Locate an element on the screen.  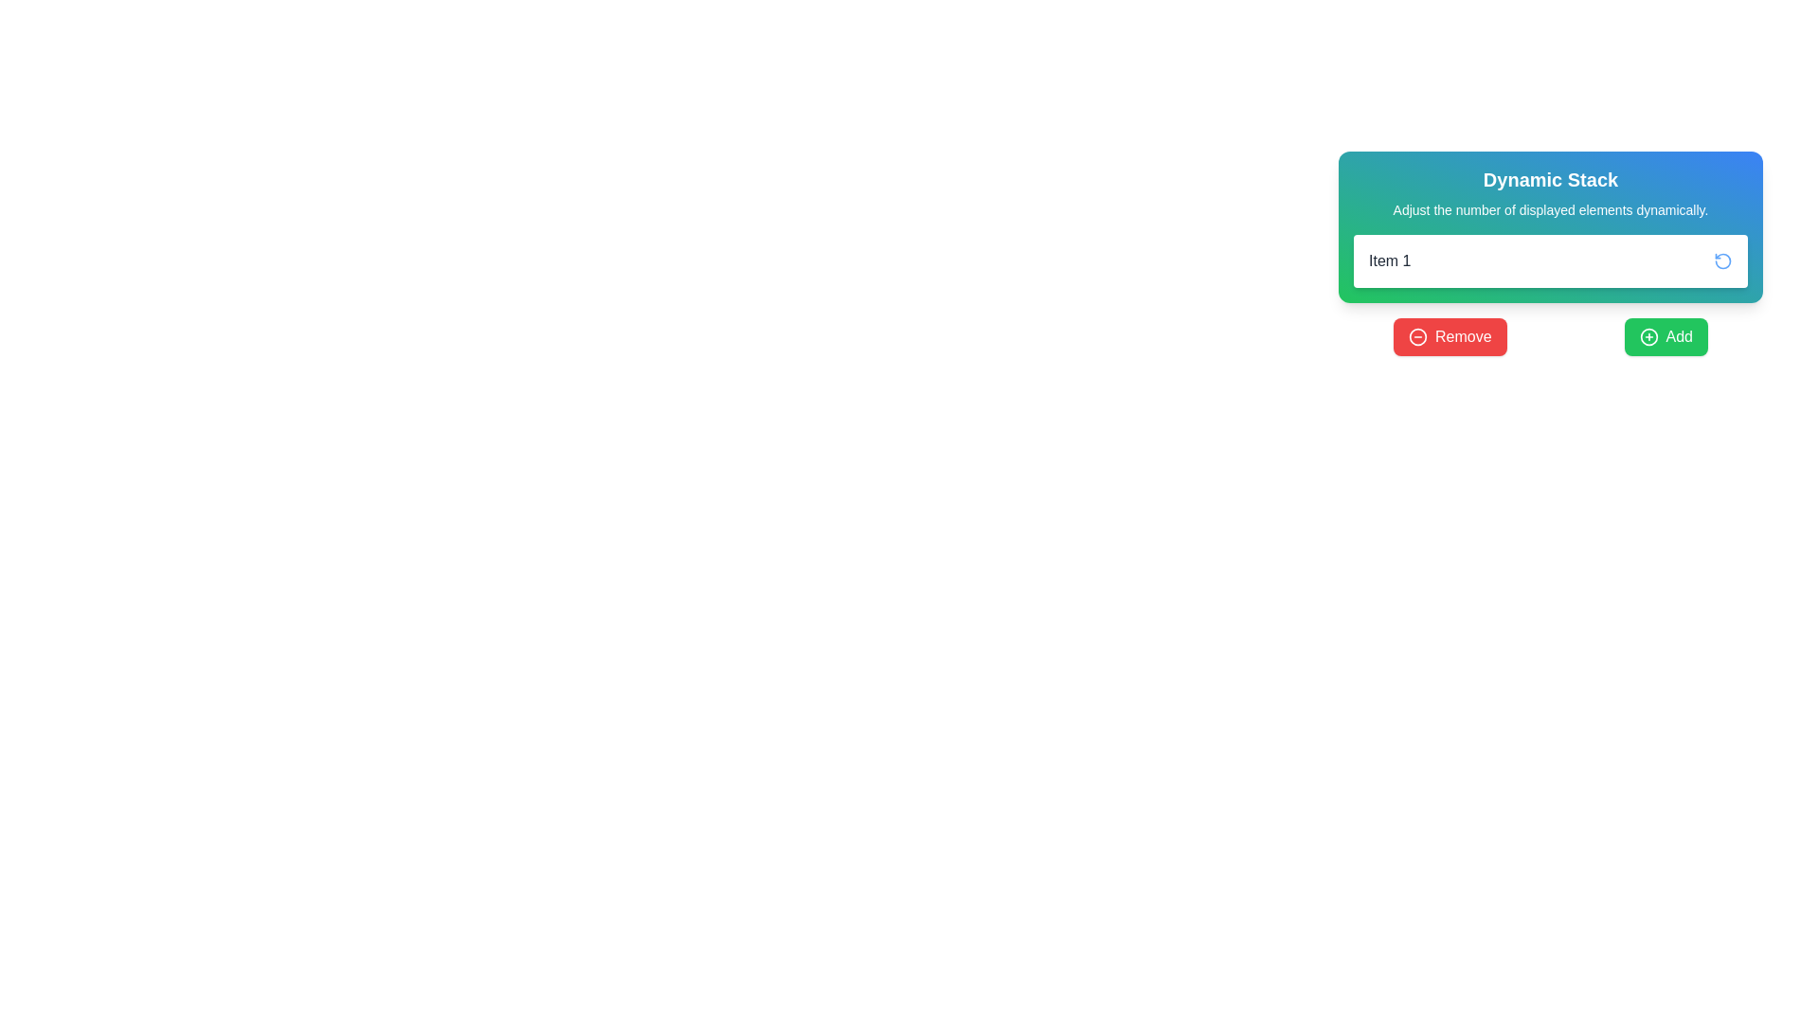
text label providing guidance about the 'Dynamic Stack' functionality, which is positioned below the heading 'Dynamic Stack' and above the list section containing 'Item 1' is located at coordinates (1550, 210).